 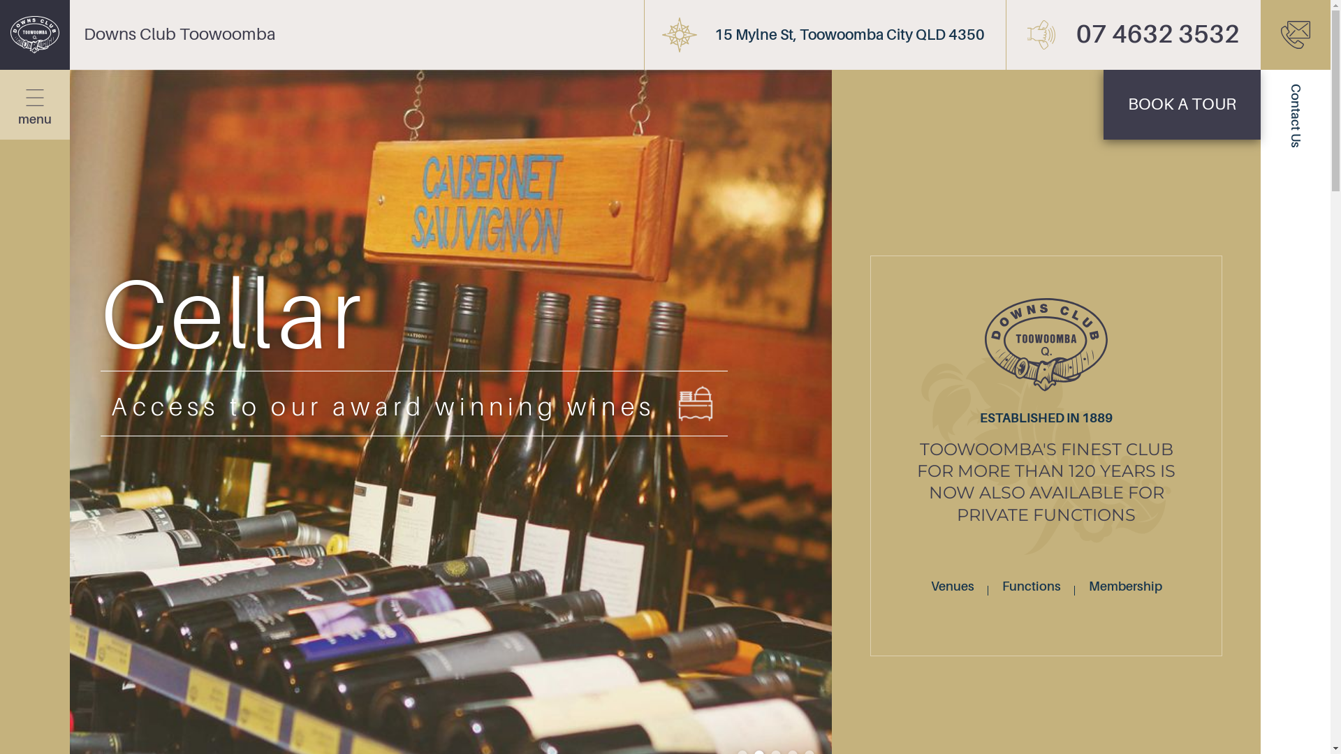 What do you see at coordinates (1125, 586) in the screenshot?
I see `'Membership'` at bounding box center [1125, 586].